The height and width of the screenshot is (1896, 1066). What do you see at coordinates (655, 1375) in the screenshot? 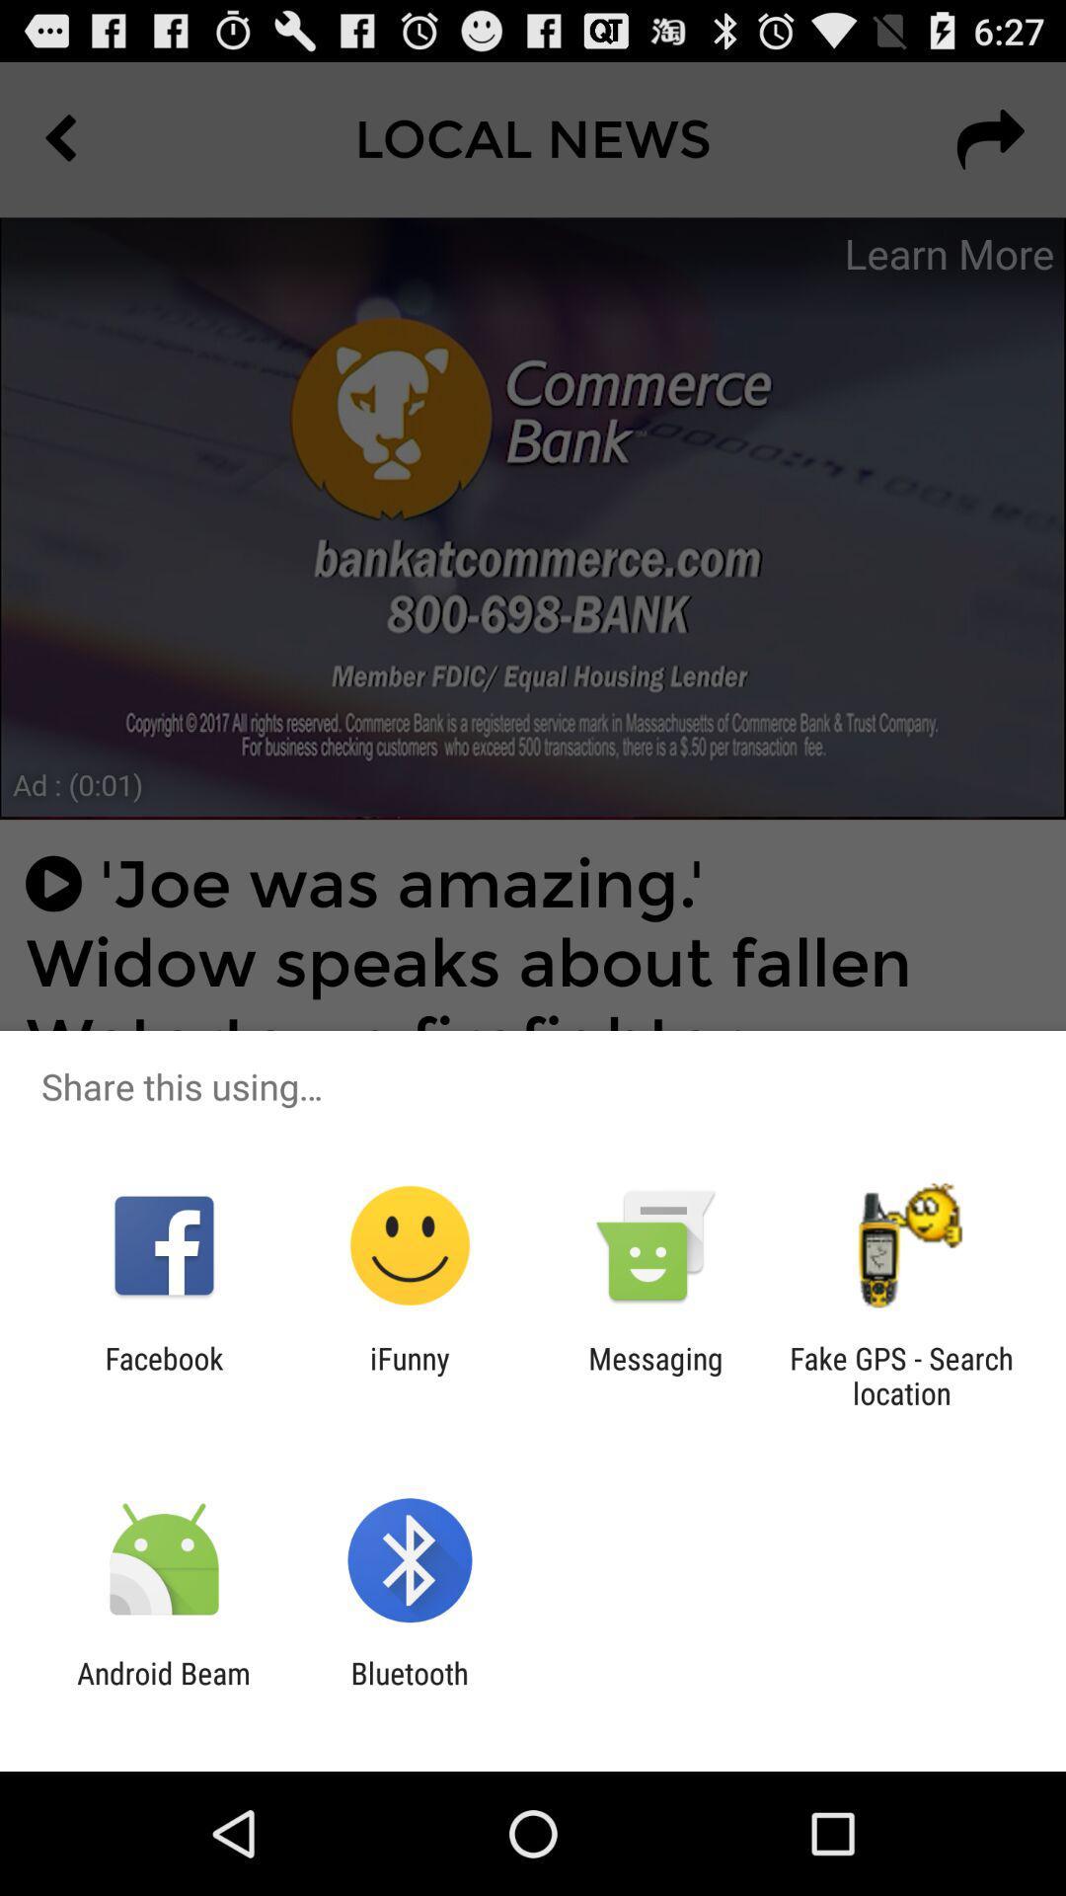
I see `the icon to the left of fake gps search item` at bounding box center [655, 1375].